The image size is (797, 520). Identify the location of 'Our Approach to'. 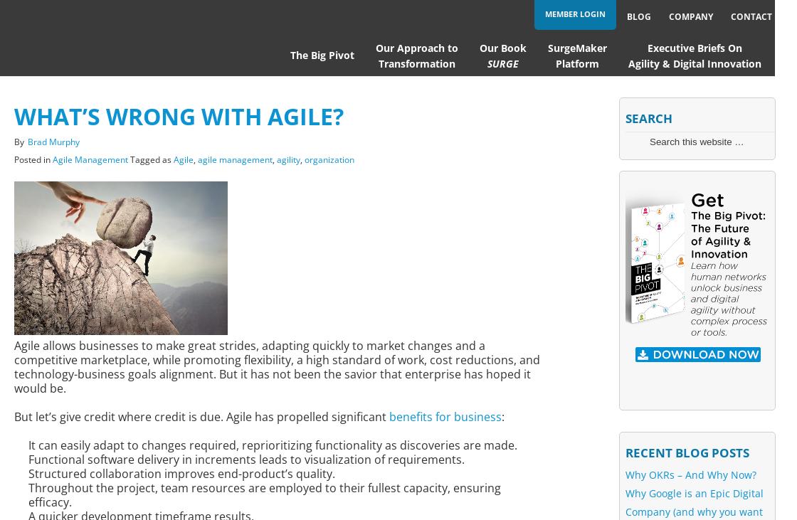
(416, 47).